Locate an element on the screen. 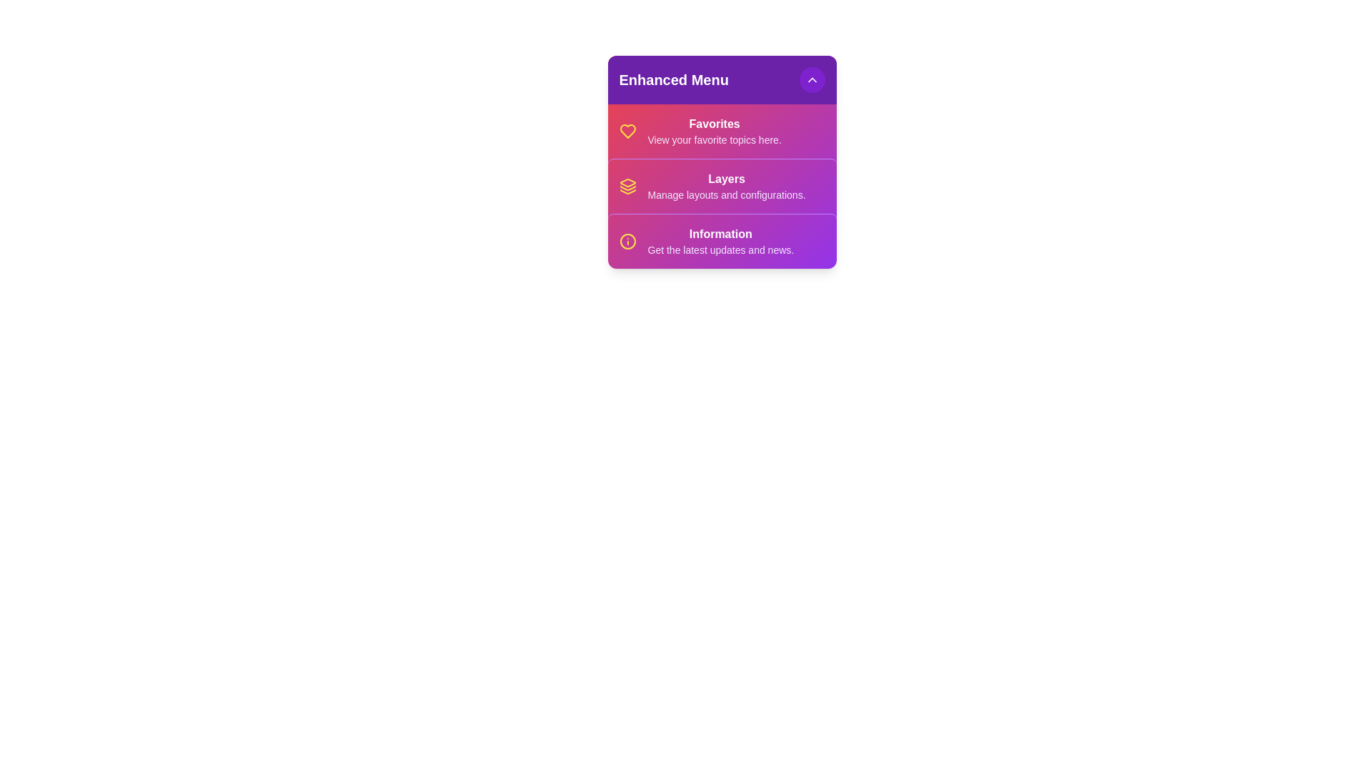 This screenshot has width=1372, height=772. the header button to toggle the menu visibility is located at coordinates (812, 79).